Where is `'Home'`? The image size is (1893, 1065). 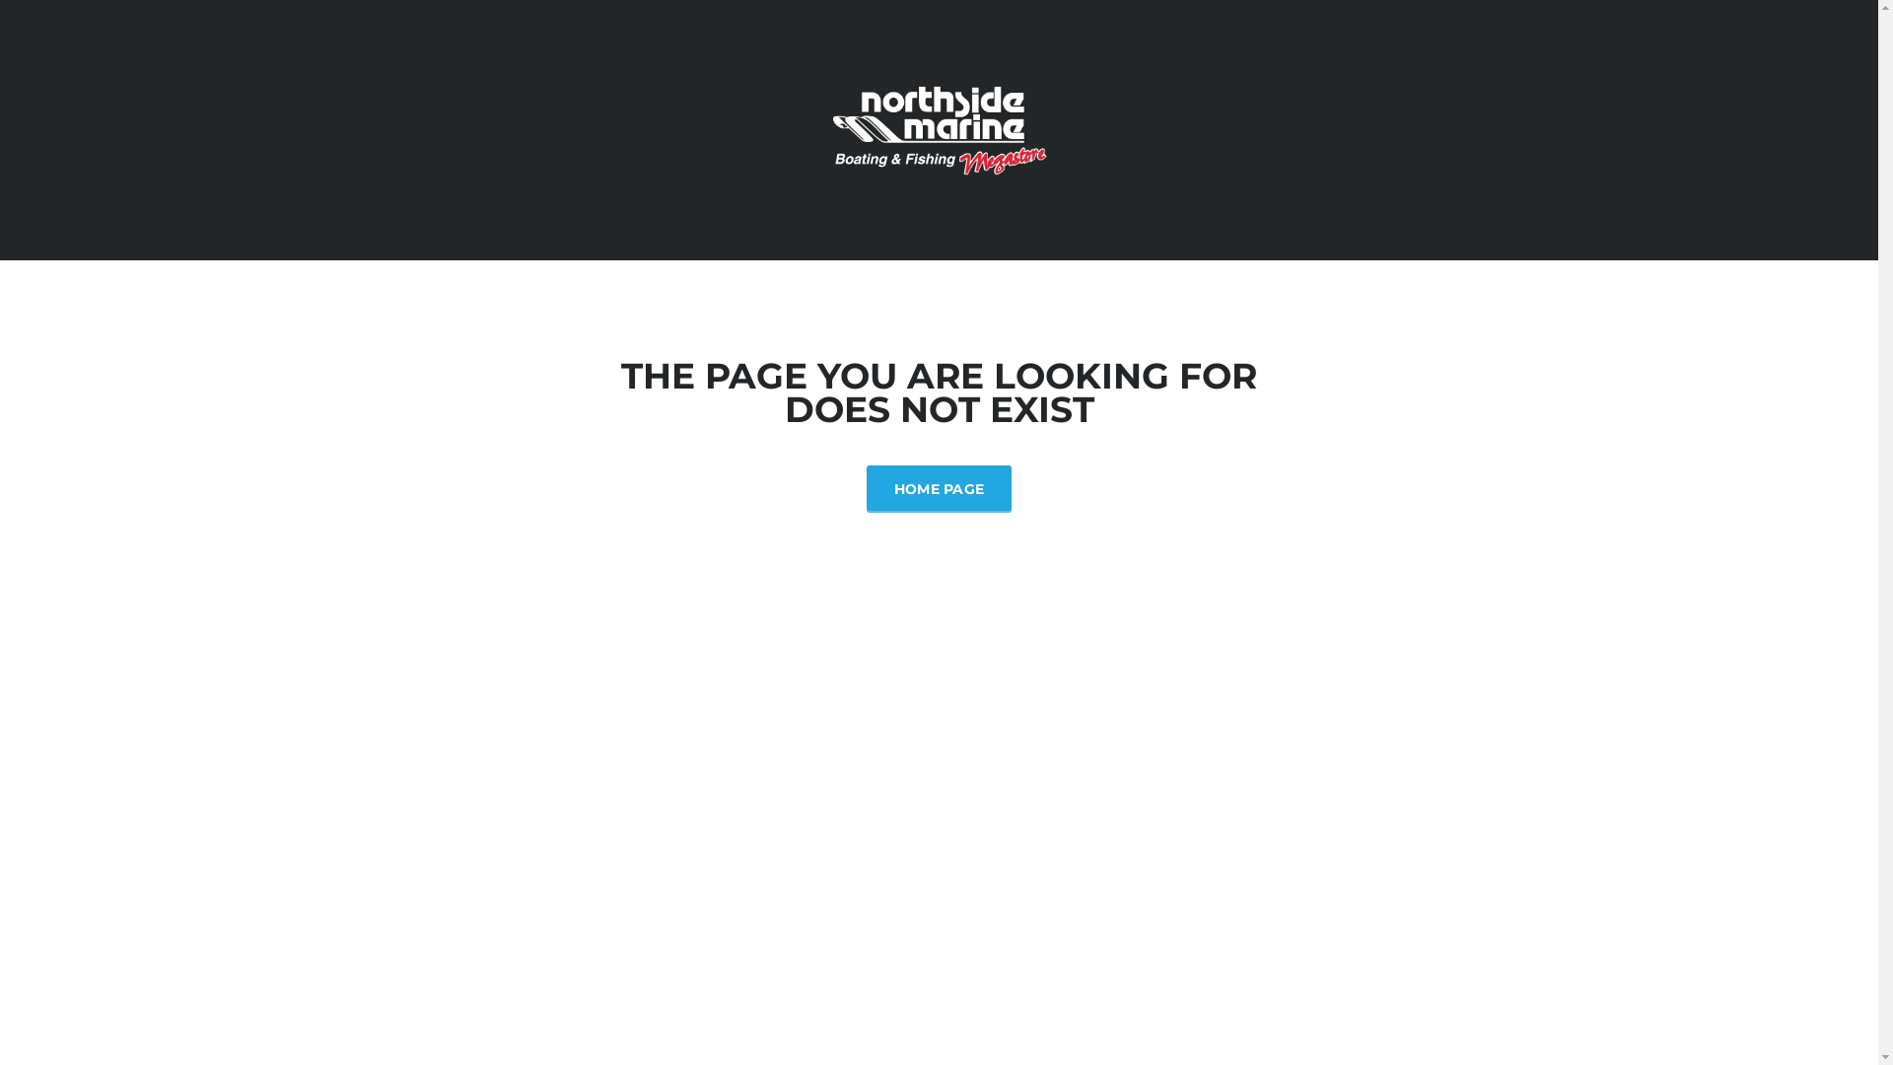 'Home' is located at coordinates (937, 128).